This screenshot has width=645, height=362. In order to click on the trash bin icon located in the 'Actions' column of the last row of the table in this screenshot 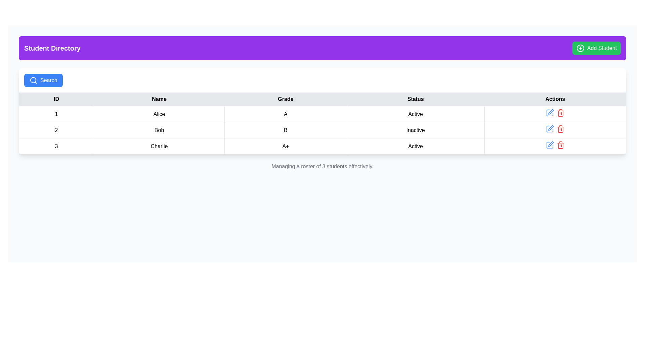, I will do `click(560, 144)`.